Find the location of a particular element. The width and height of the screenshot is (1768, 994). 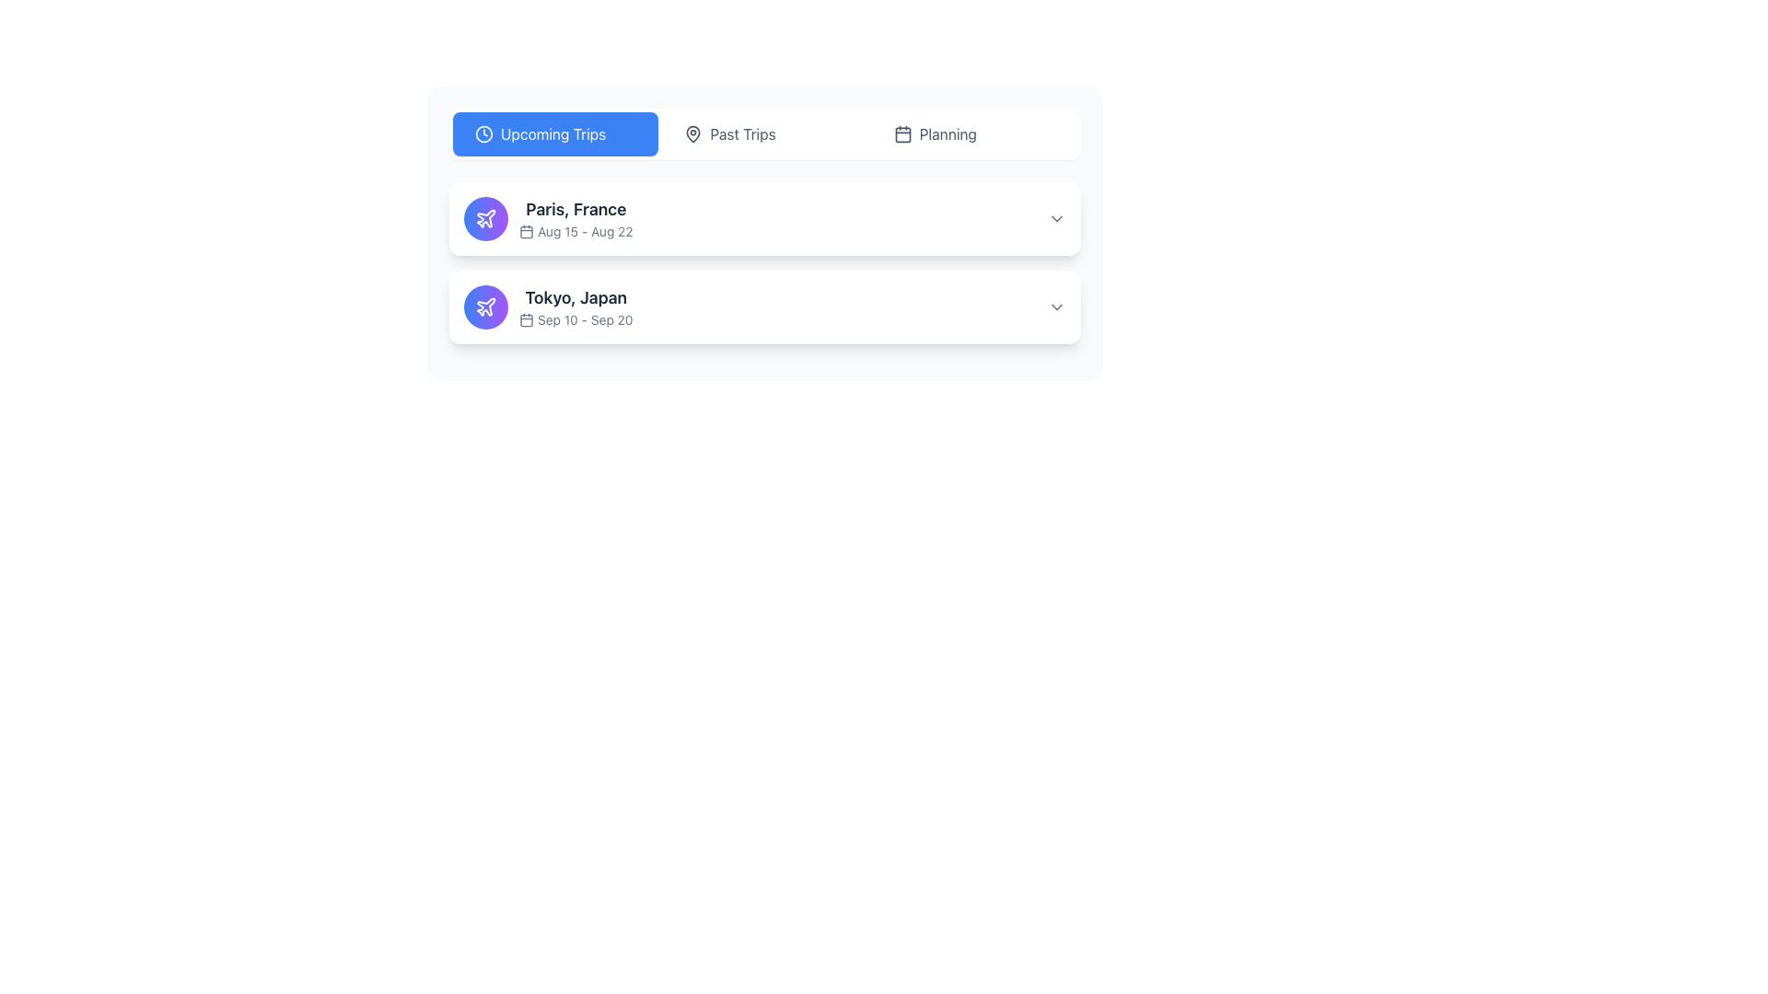

the clock icon, which is a minimalist design with a blue background, positioned to the left of the 'Upcoming Trips' label is located at coordinates (484, 133).